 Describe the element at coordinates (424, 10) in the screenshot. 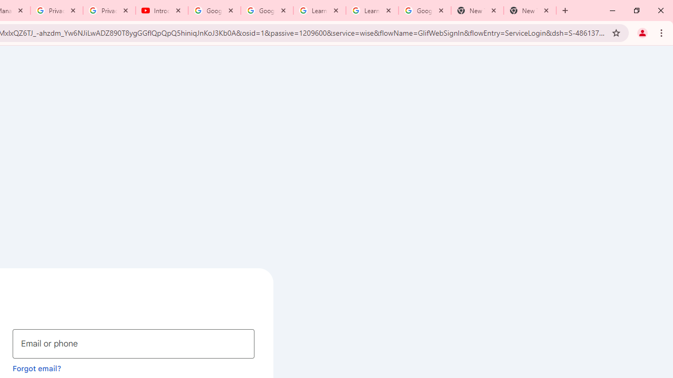

I see `'Google Account'` at that location.